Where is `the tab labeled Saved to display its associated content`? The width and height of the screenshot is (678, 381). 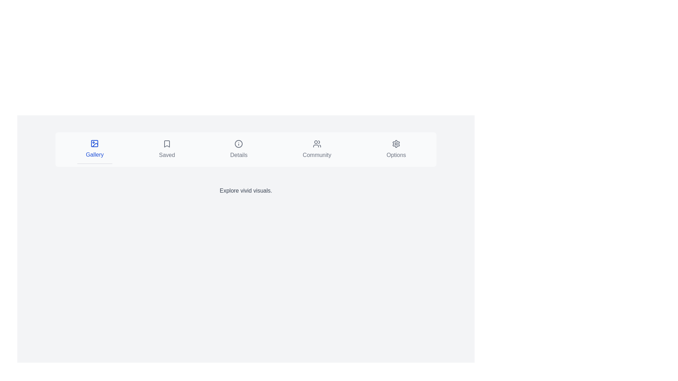
the tab labeled Saved to display its associated content is located at coordinates (166, 149).